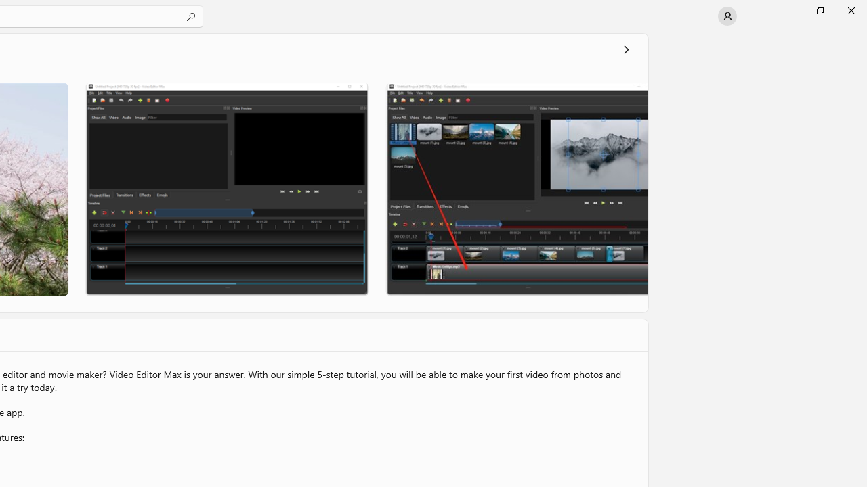 Image resolution: width=867 pixels, height=487 pixels. Describe the element at coordinates (819, 10) in the screenshot. I see `'Restore Microsoft Store'` at that location.